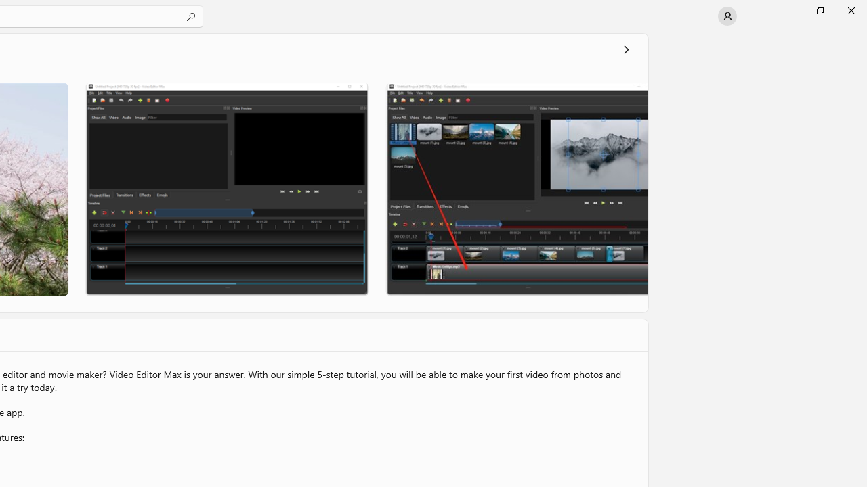 Image resolution: width=867 pixels, height=487 pixels. Describe the element at coordinates (819, 10) in the screenshot. I see `'Restore Microsoft Store'` at that location.